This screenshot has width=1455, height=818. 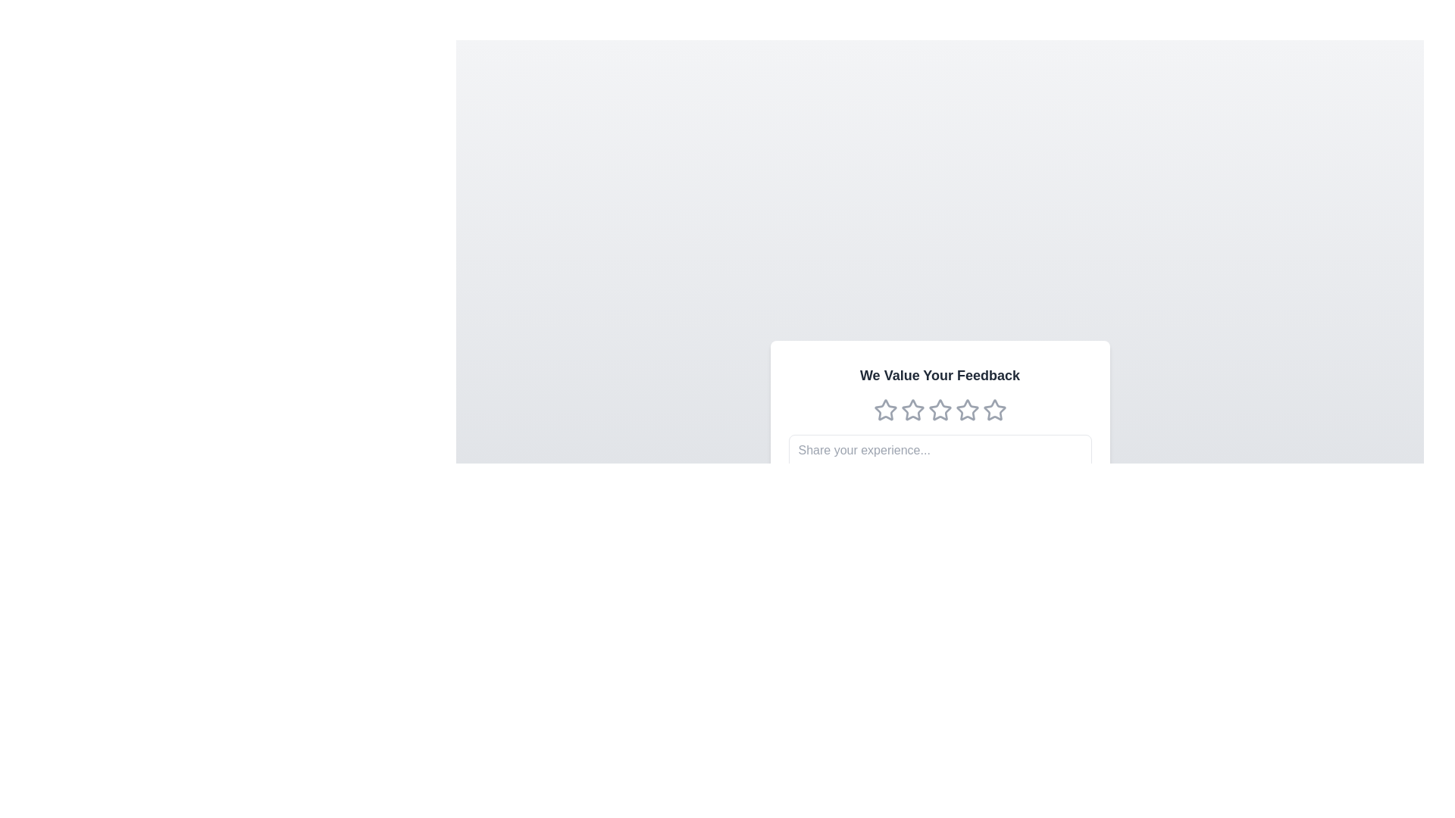 I want to click on the third star in the star-based rating system below the heading 'We Value Your Feedback', so click(x=939, y=411).